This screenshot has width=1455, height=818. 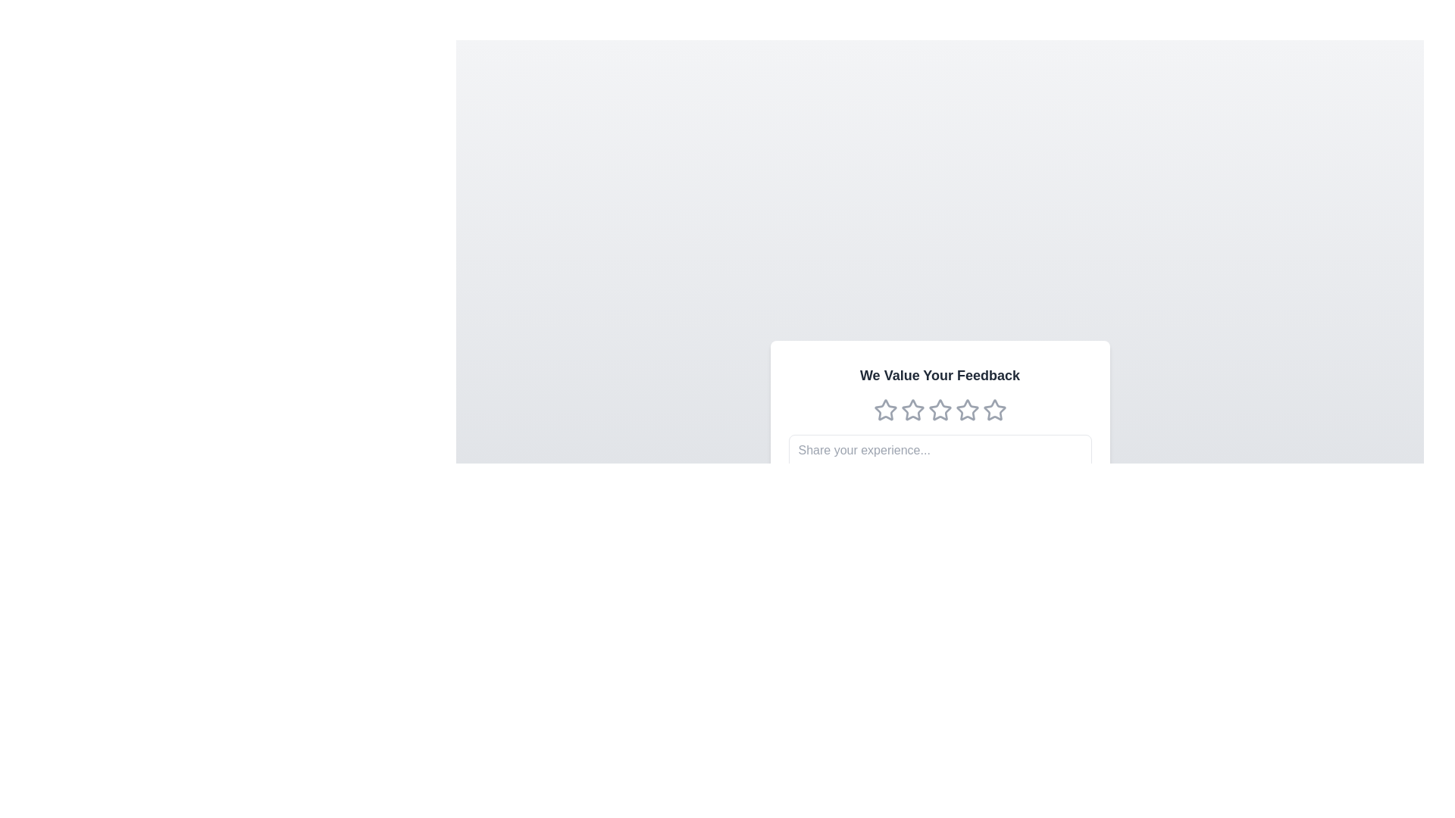 I want to click on the third star in the star-based rating system below the heading 'We Value Your Feedback', so click(x=939, y=411).